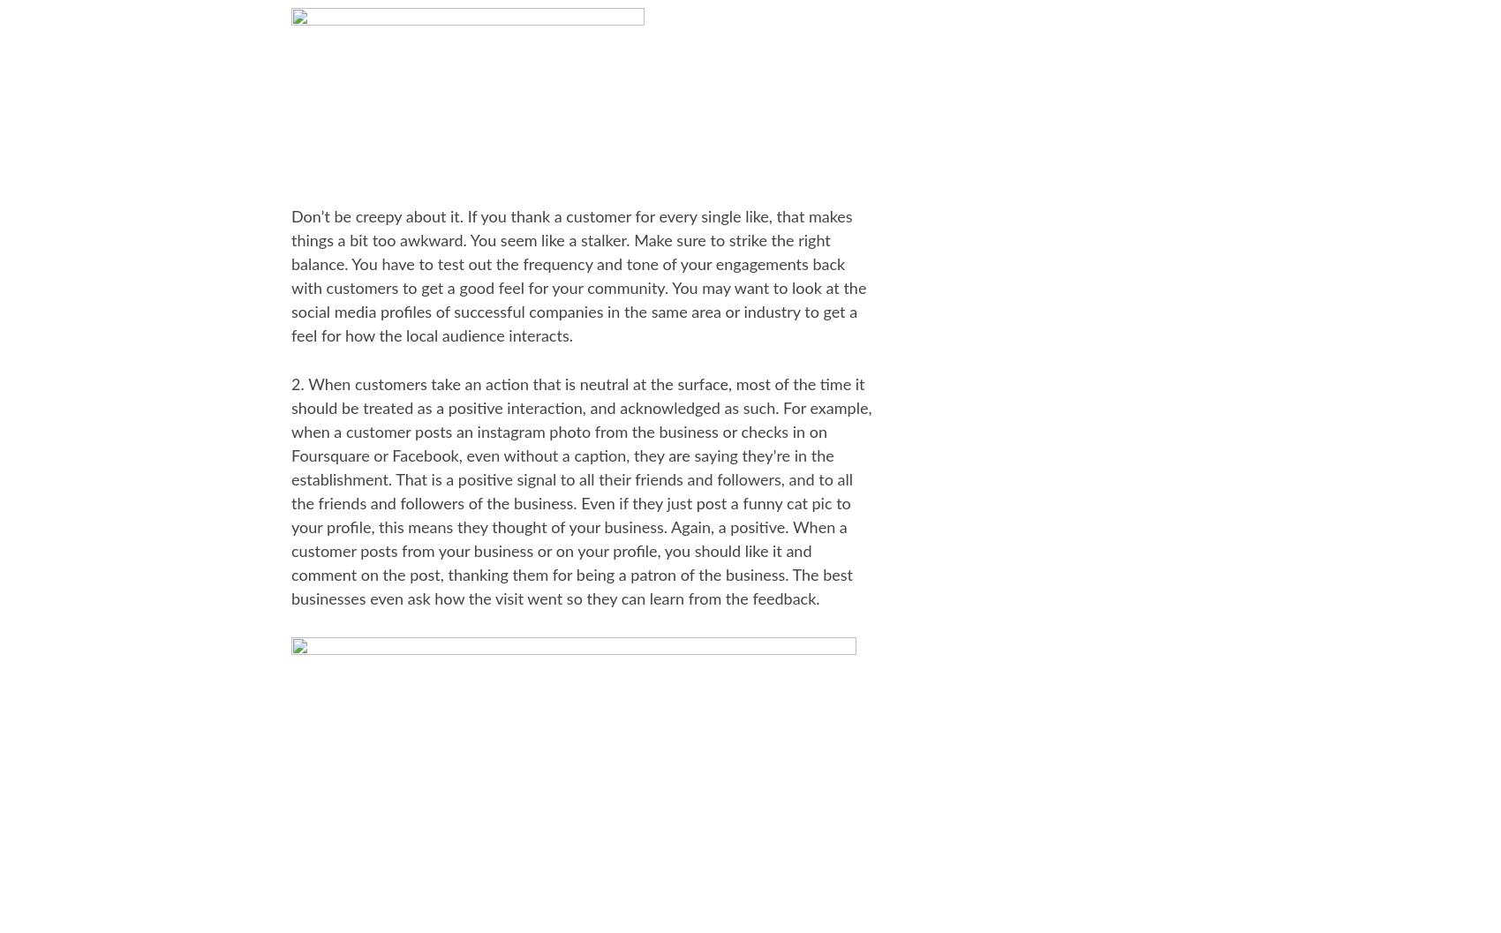  What do you see at coordinates (962, 623) in the screenshot?
I see `'Contact Us'` at bounding box center [962, 623].